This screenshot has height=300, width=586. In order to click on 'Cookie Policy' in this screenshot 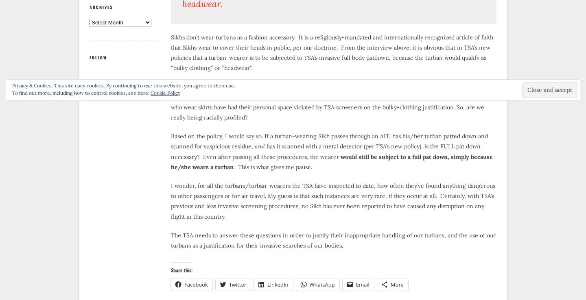, I will do `click(150, 92)`.